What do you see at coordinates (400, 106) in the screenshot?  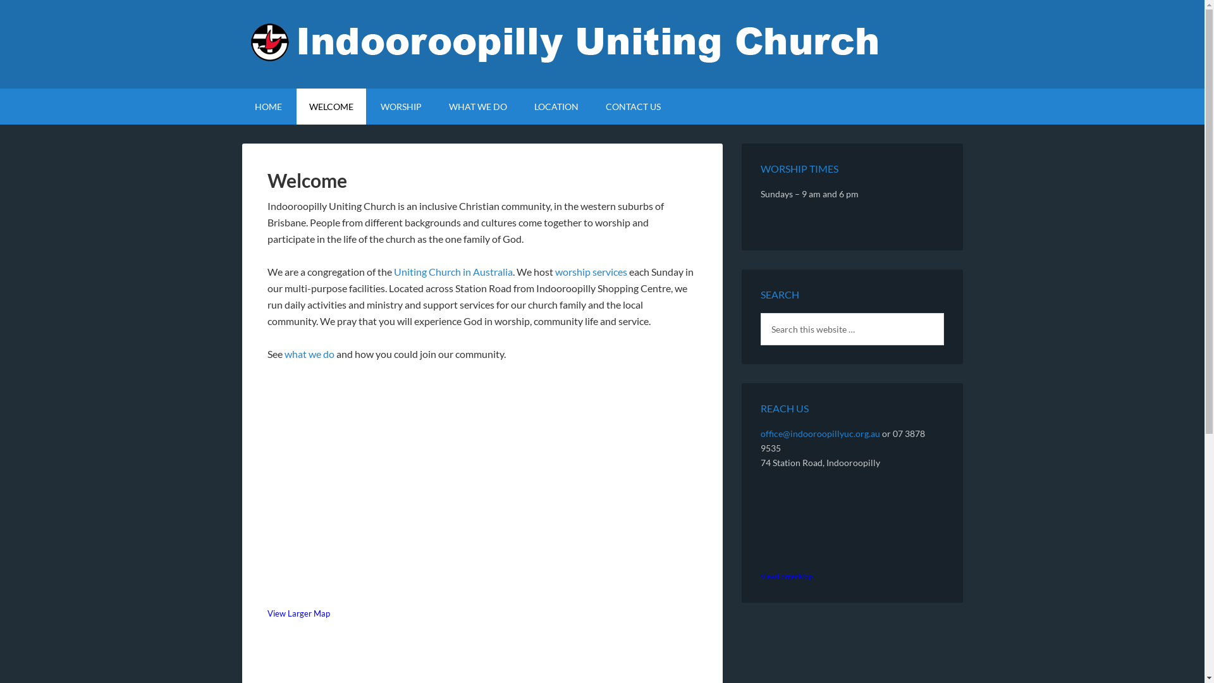 I see `'WORSHIP'` at bounding box center [400, 106].